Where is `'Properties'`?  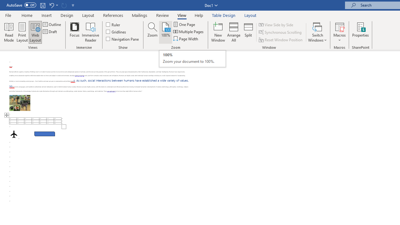
'Properties' is located at coordinates (360, 32).